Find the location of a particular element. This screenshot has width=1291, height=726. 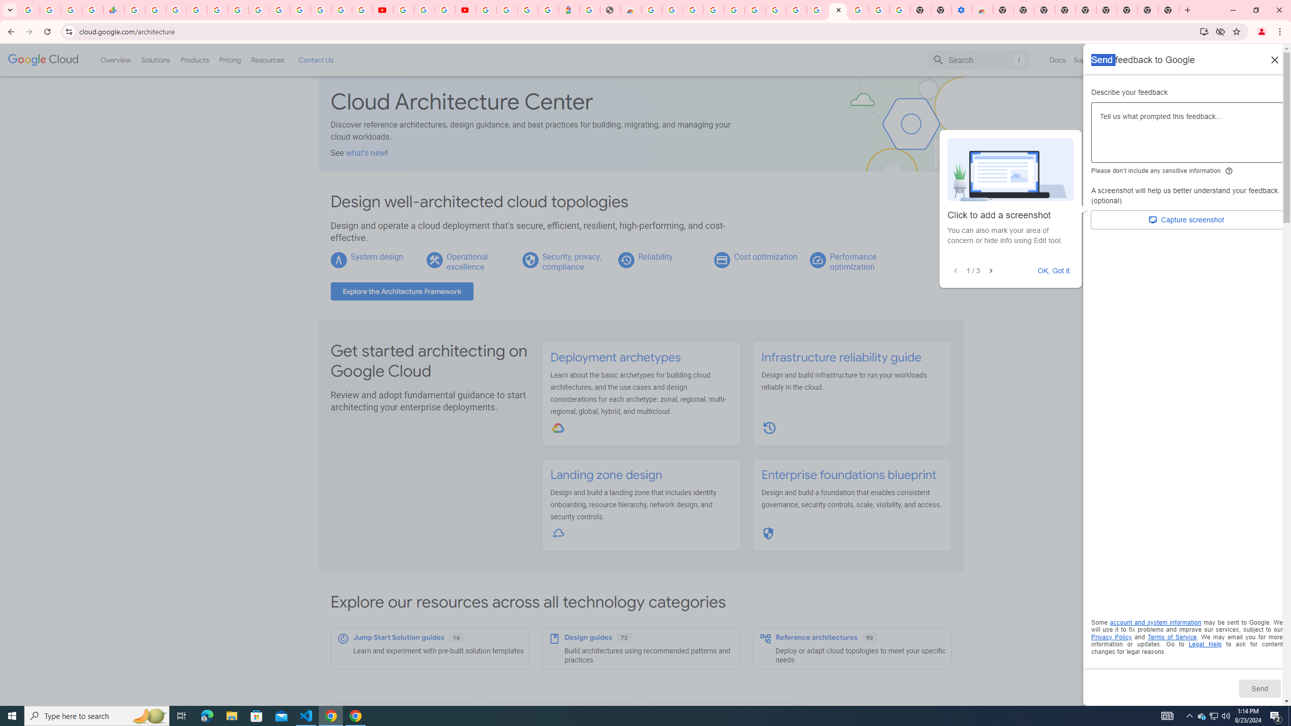

'Google Account Help' is located at coordinates (423, 10).